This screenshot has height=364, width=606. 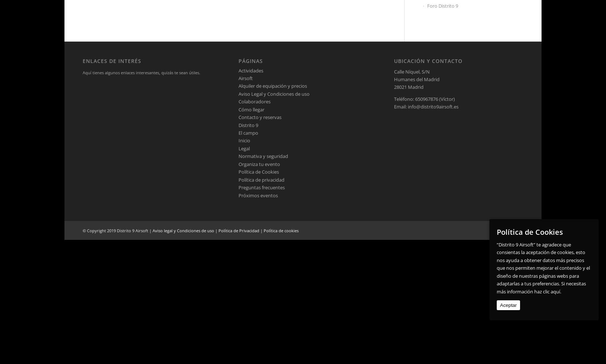 I want to click on 'Email:', so click(x=401, y=107).